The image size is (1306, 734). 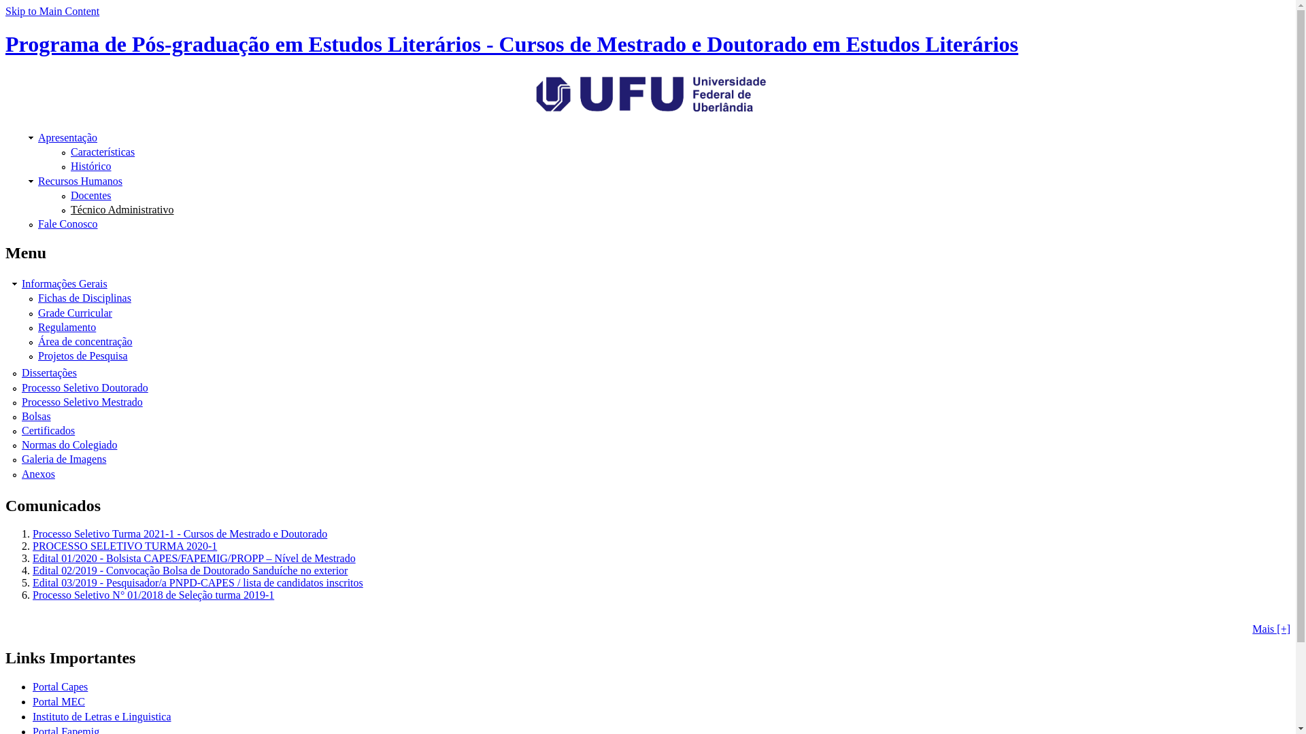 I want to click on 'Fichas de Disciplinas', so click(x=84, y=297).